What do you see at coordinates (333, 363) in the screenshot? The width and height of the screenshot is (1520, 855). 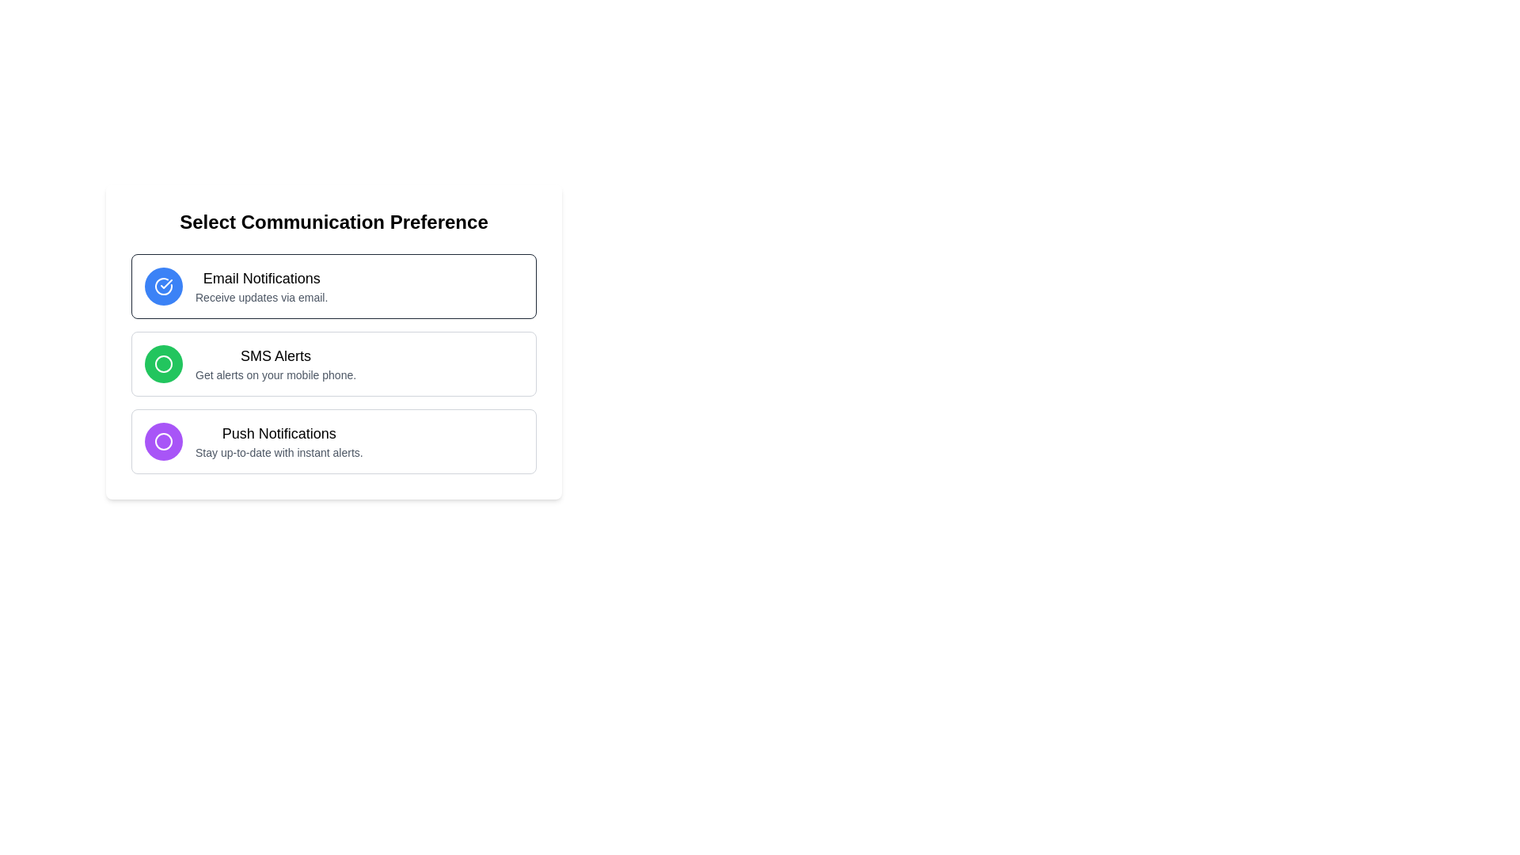 I see `the second selectable option in the communication preferences list, which is labeled 'SMS Alerts'` at bounding box center [333, 363].